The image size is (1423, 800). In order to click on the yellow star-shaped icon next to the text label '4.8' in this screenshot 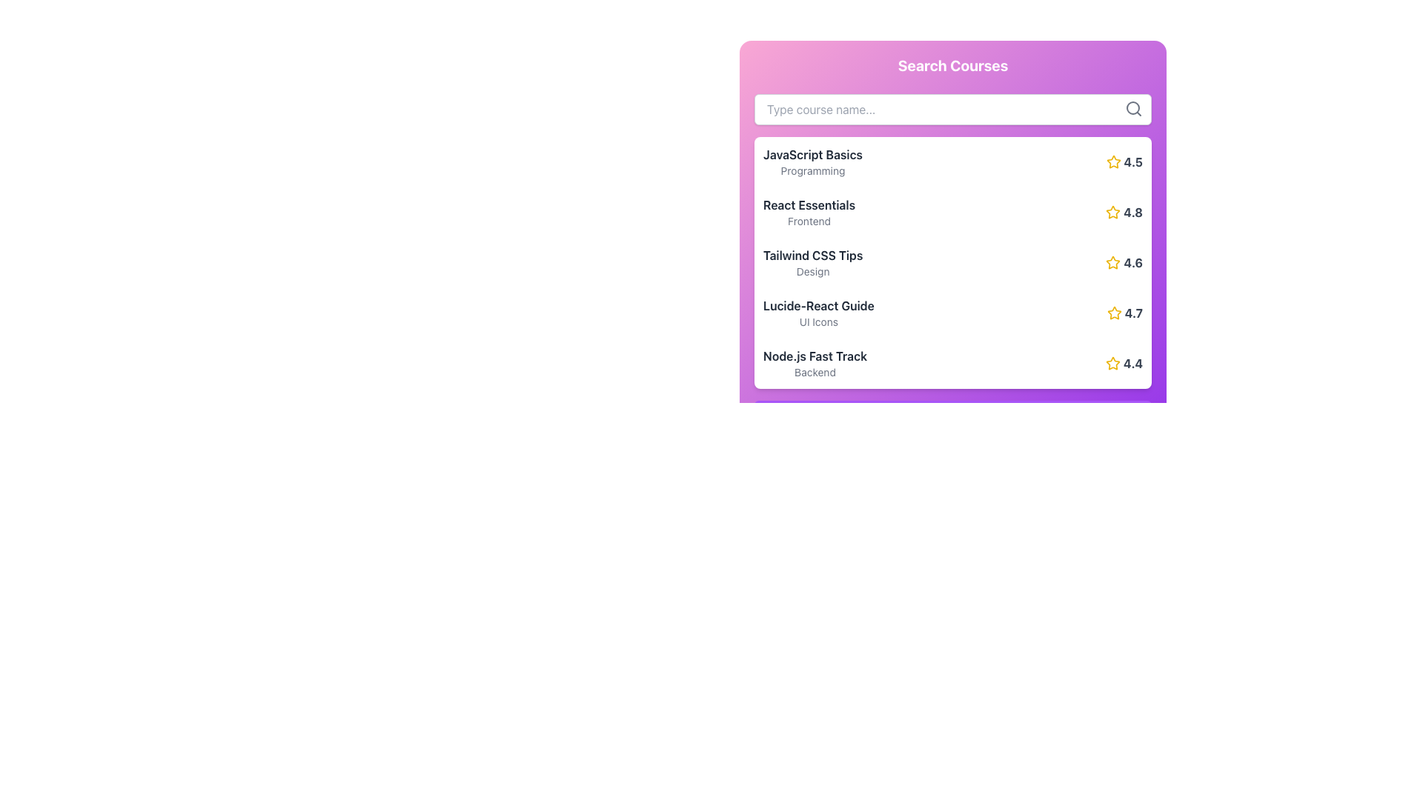, I will do `click(1113, 212)`.